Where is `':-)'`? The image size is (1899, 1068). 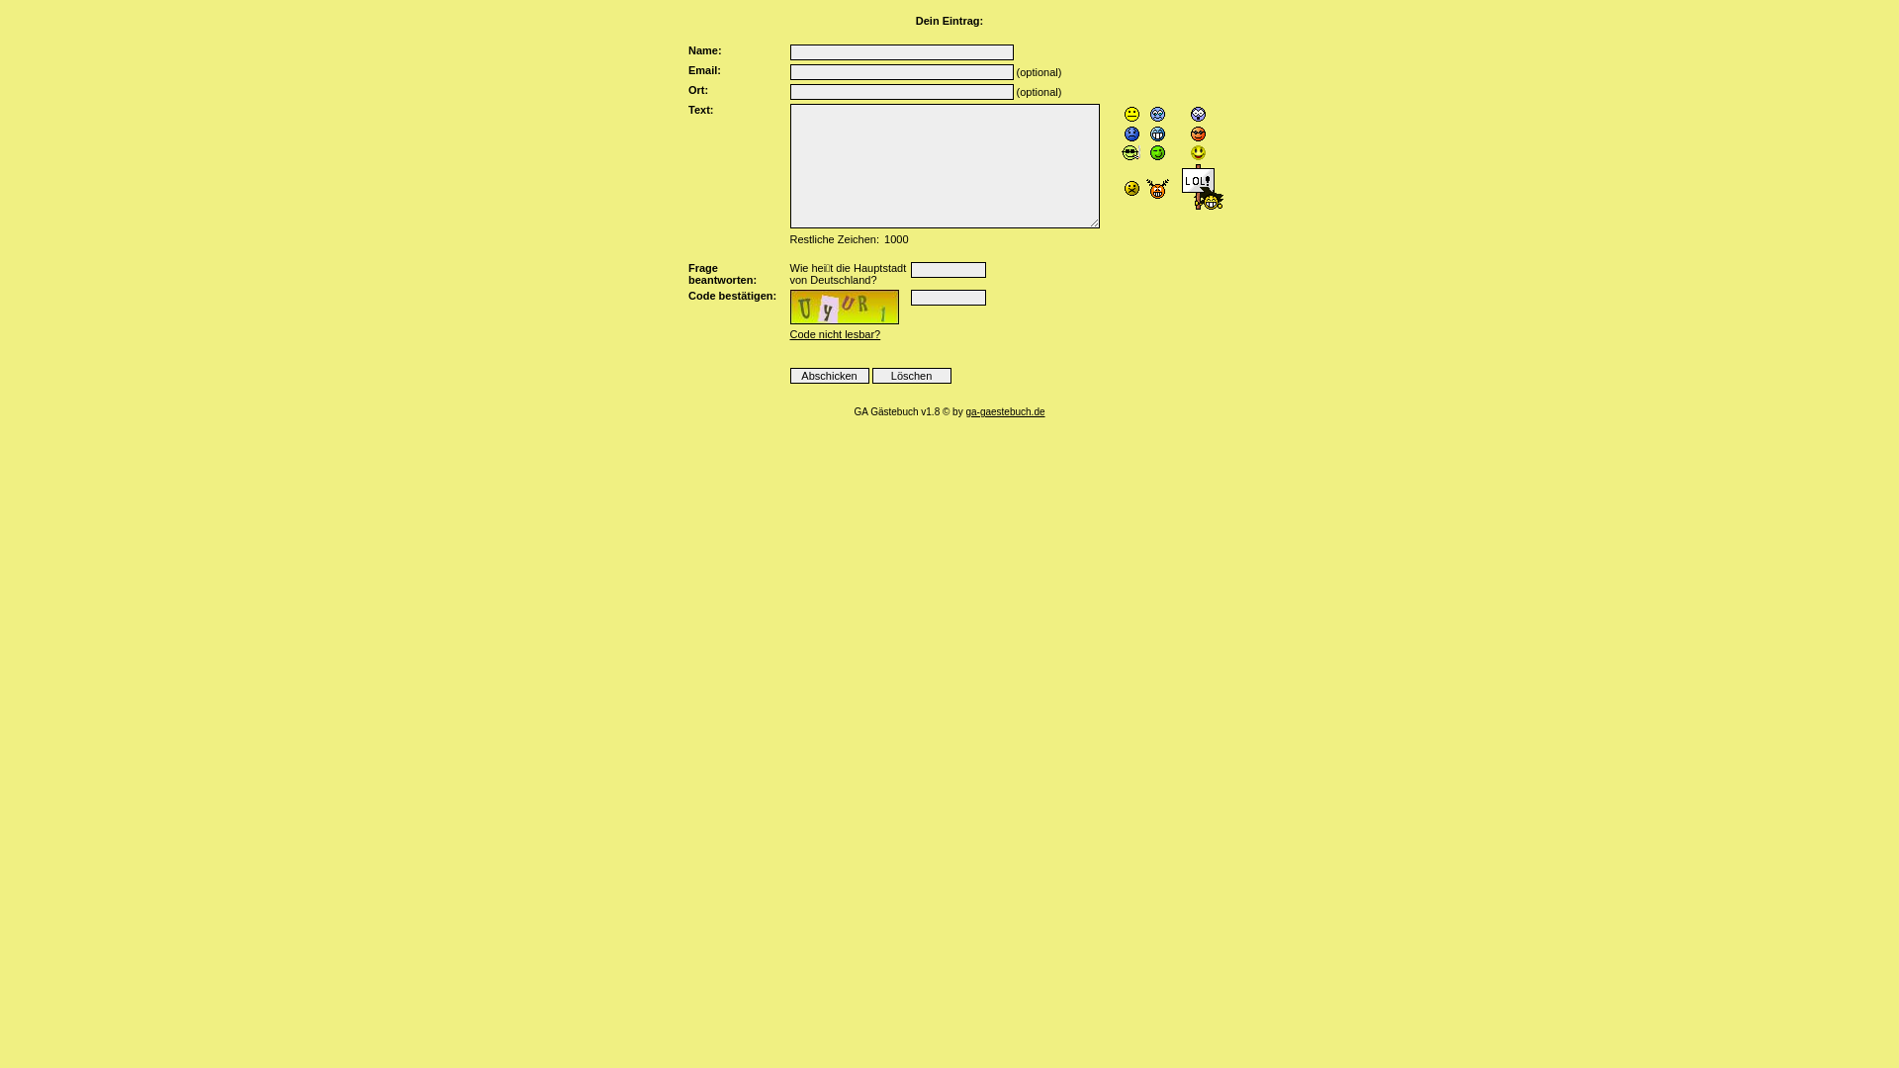
':-)' is located at coordinates (1197, 151).